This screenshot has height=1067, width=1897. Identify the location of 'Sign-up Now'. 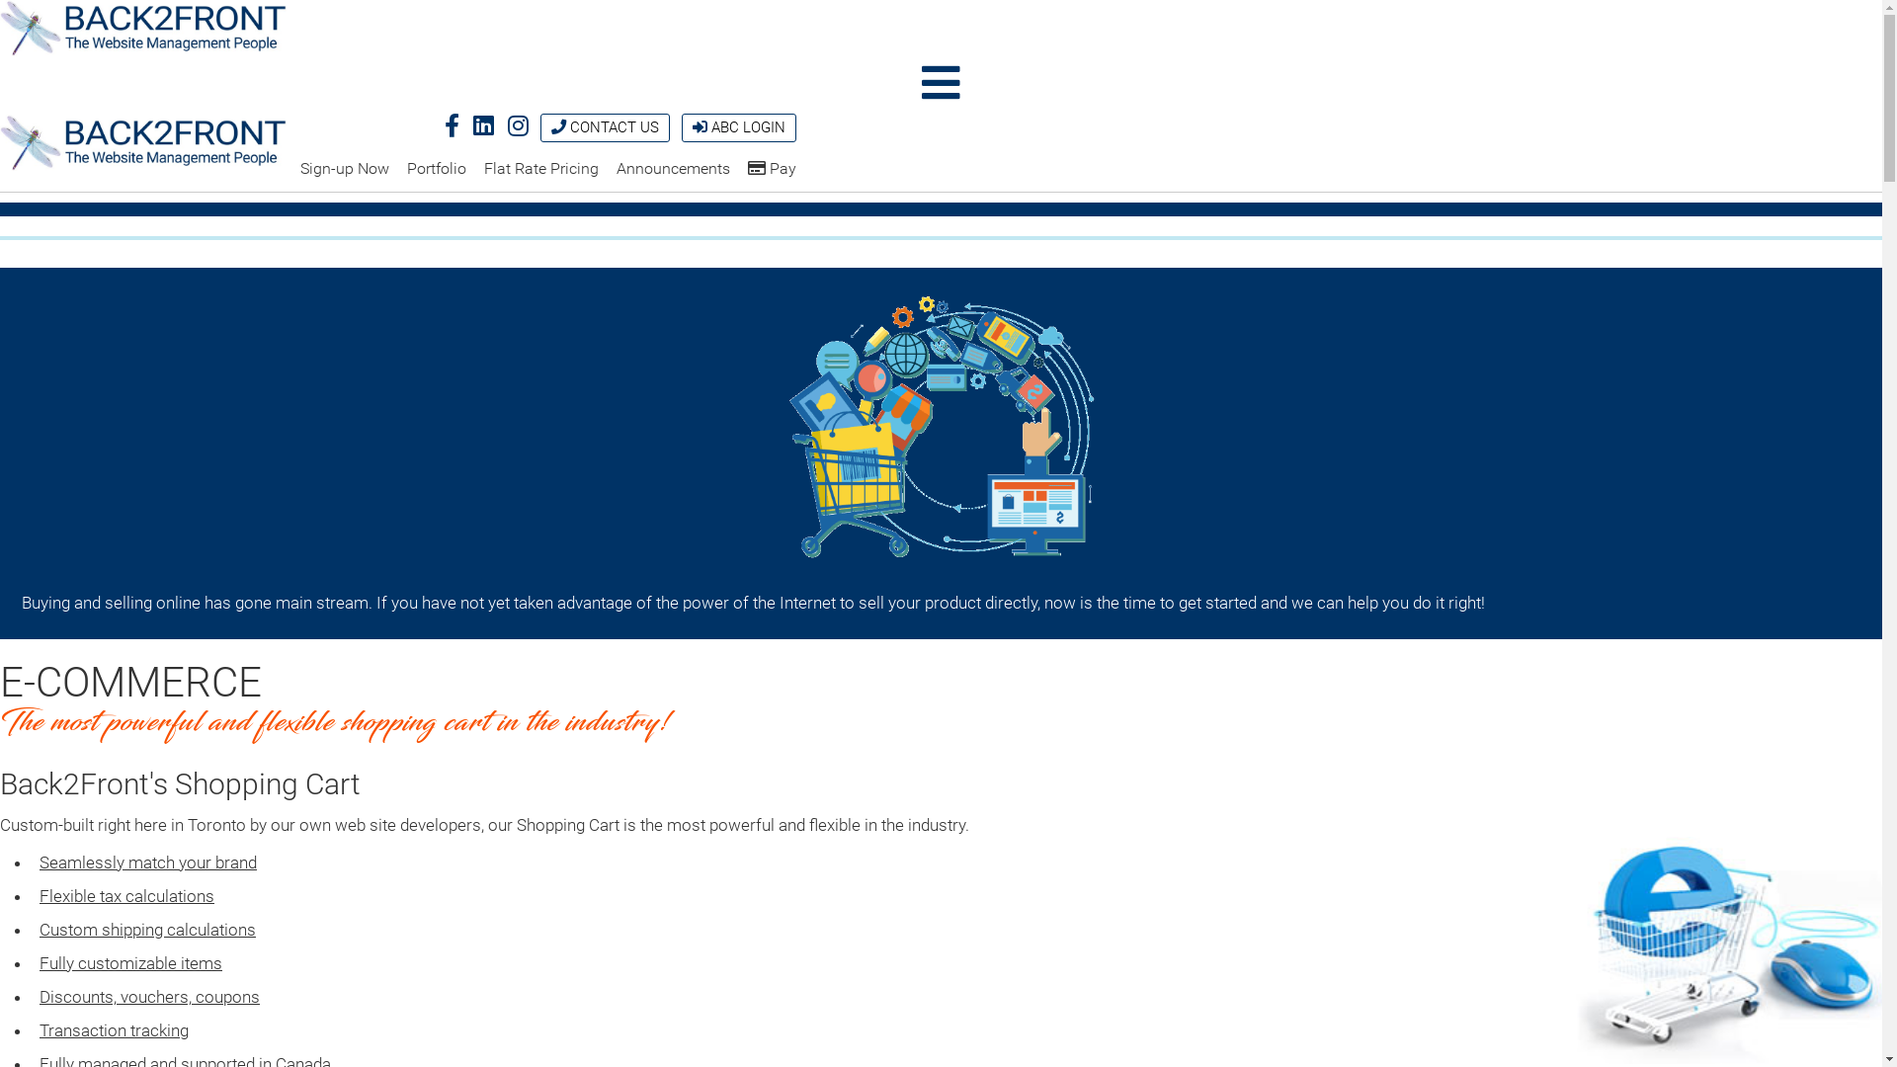
(298, 167).